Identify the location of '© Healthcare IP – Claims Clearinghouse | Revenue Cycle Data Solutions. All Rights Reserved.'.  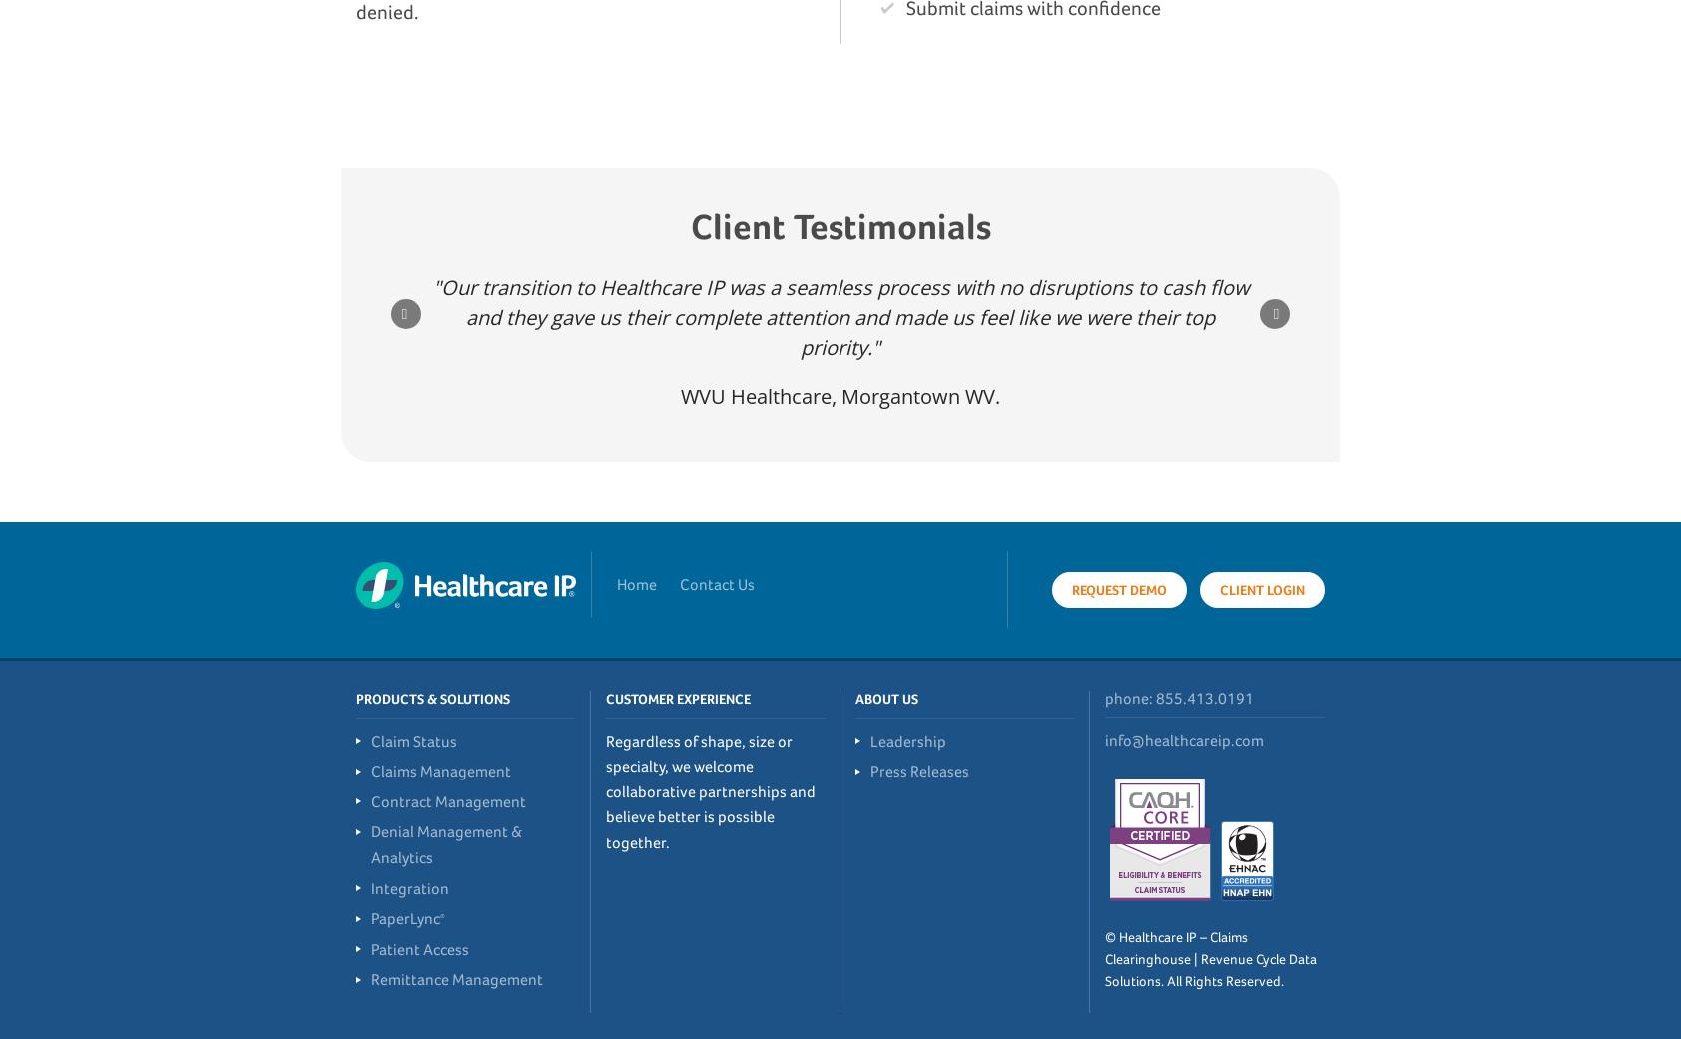
(1210, 958).